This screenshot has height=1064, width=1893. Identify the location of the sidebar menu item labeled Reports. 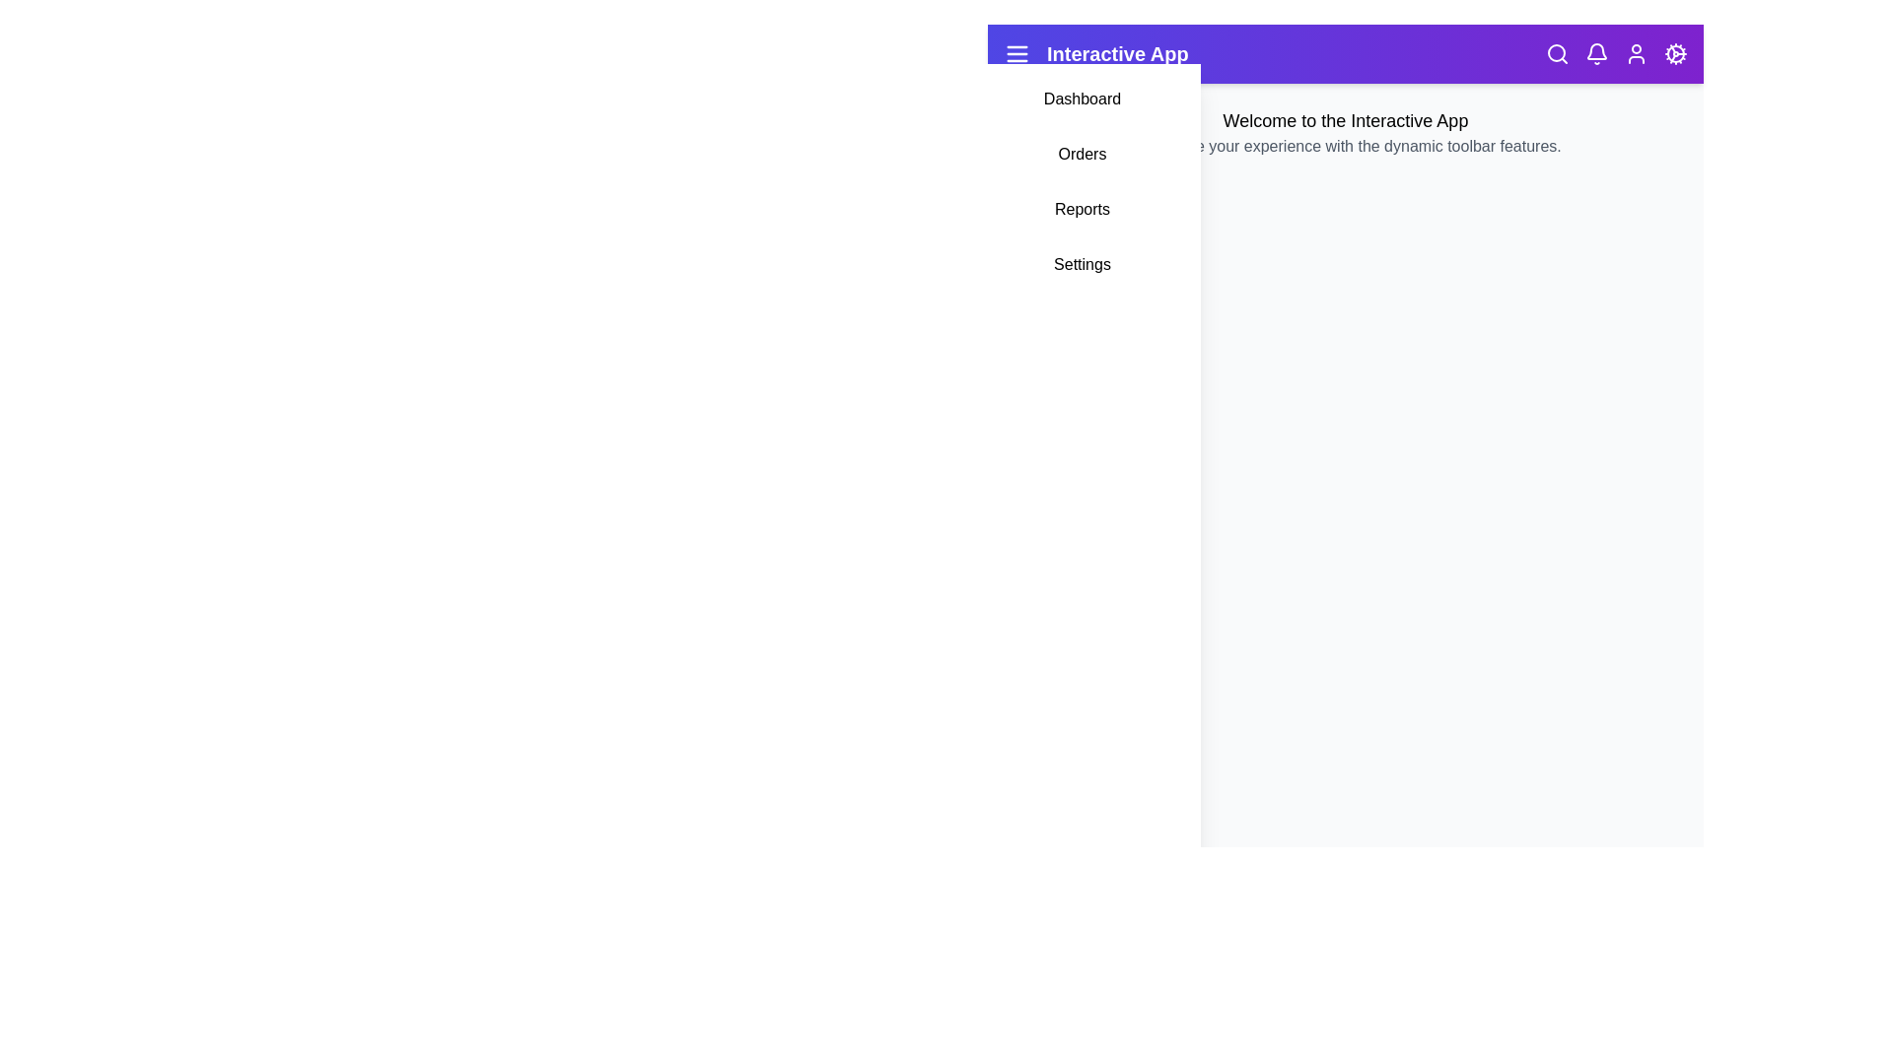
(1082, 209).